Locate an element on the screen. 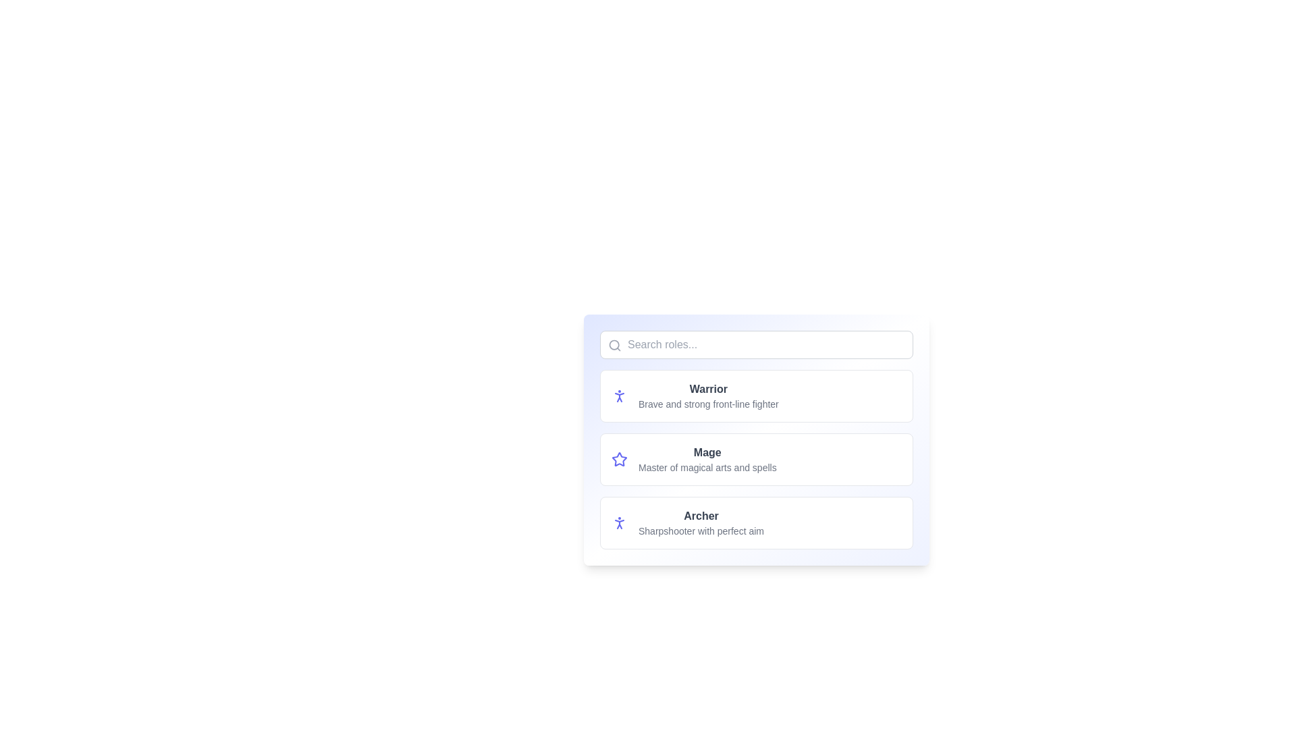 Image resolution: width=1296 pixels, height=729 pixels. the static text element that reads 'Warrior' in a bold font, located second from the top in a vertical list of selectable options is located at coordinates (707, 395).